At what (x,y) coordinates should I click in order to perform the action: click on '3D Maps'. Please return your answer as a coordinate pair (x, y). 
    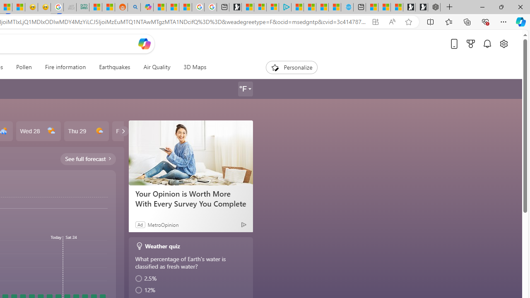
    Looking at the image, I should click on (195, 67).